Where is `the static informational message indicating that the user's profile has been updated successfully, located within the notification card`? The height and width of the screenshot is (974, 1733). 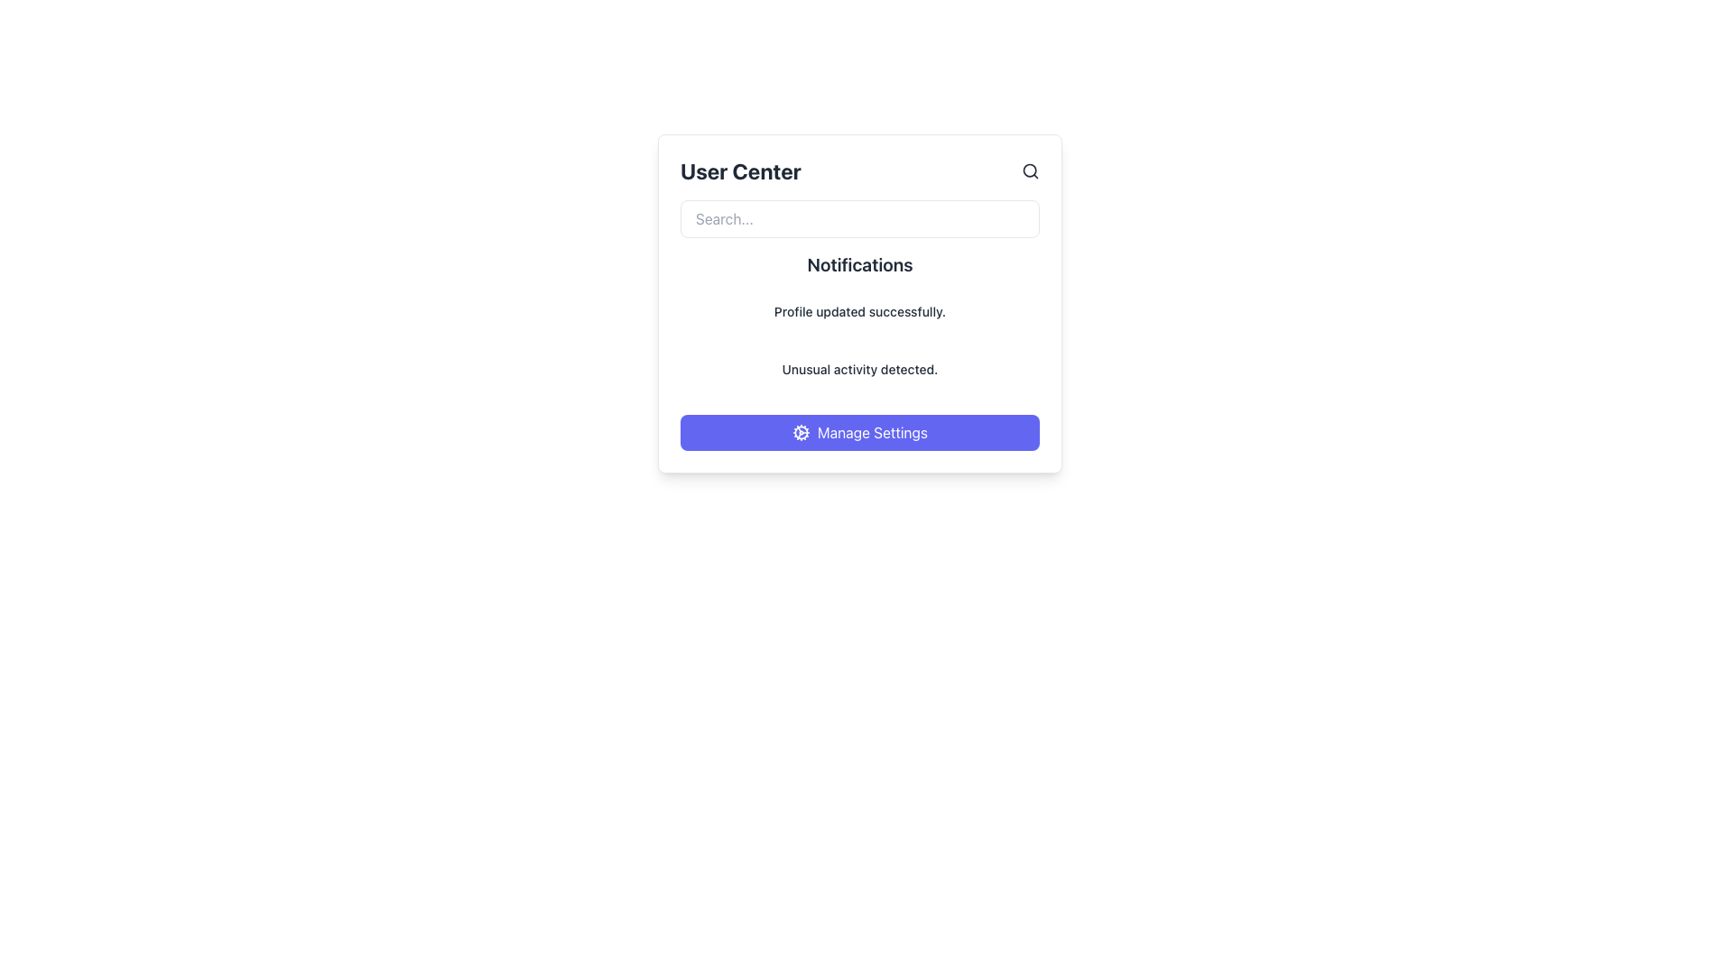
the static informational message indicating that the user's profile has been updated successfully, located within the notification card is located at coordinates (859, 311).